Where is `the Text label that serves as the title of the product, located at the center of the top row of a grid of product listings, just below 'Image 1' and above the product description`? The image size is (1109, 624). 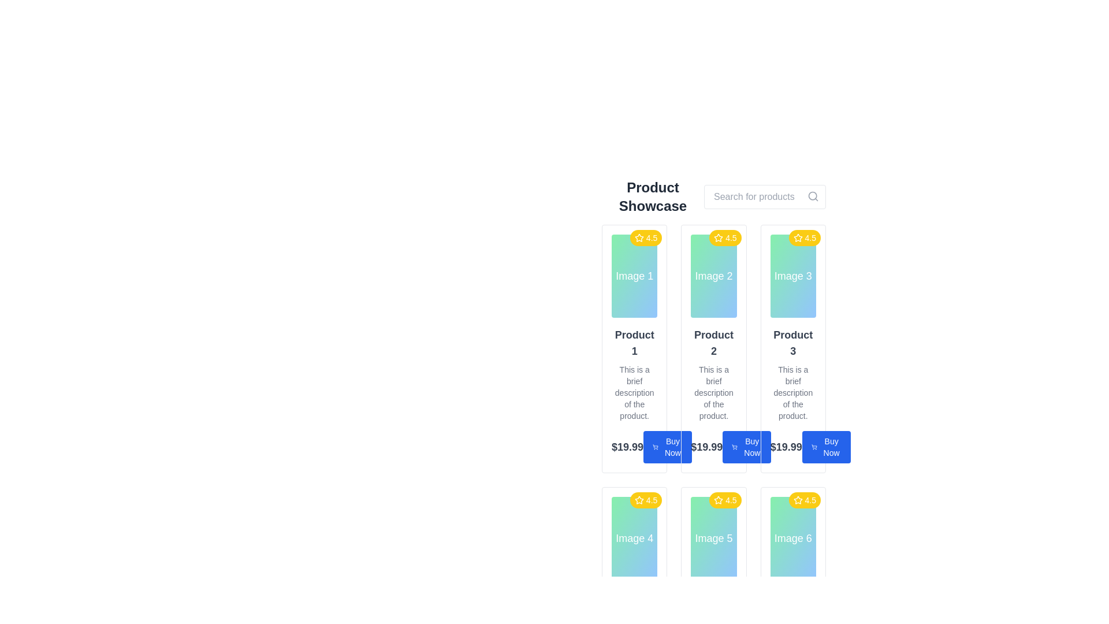 the Text label that serves as the title of the product, located at the center of the top row of a grid of product listings, just below 'Image 1' and above the product description is located at coordinates (634, 343).